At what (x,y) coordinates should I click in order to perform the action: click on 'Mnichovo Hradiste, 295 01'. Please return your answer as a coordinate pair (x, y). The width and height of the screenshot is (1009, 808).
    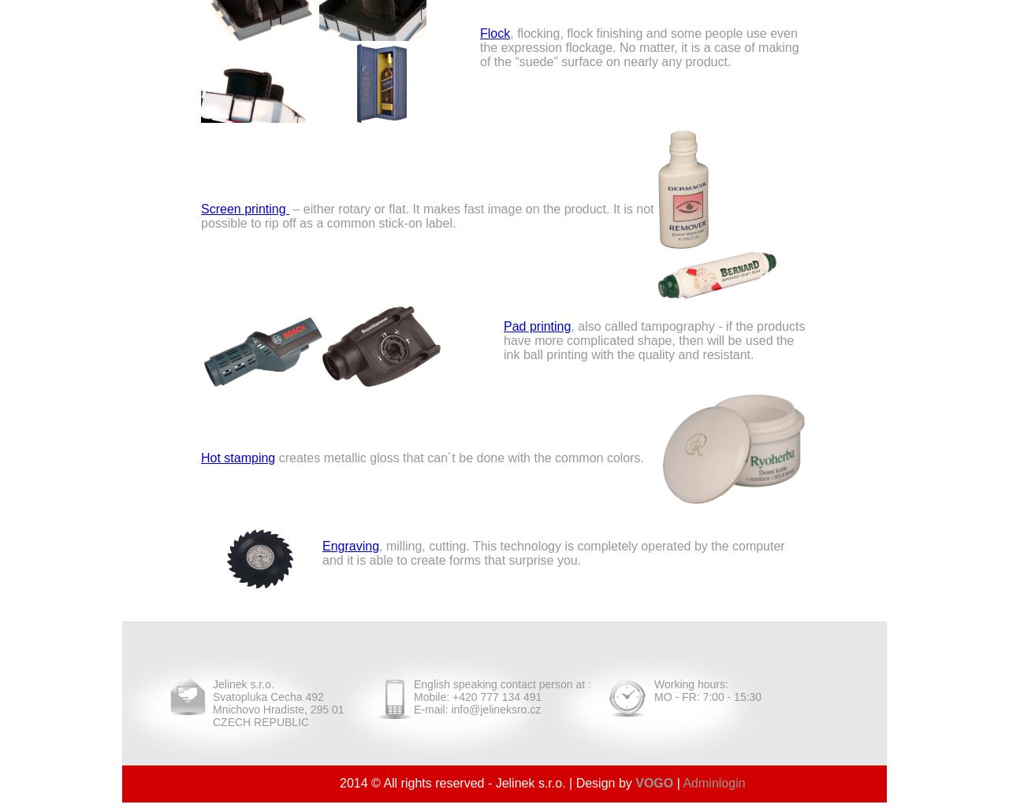
    Looking at the image, I should click on (211, 709).